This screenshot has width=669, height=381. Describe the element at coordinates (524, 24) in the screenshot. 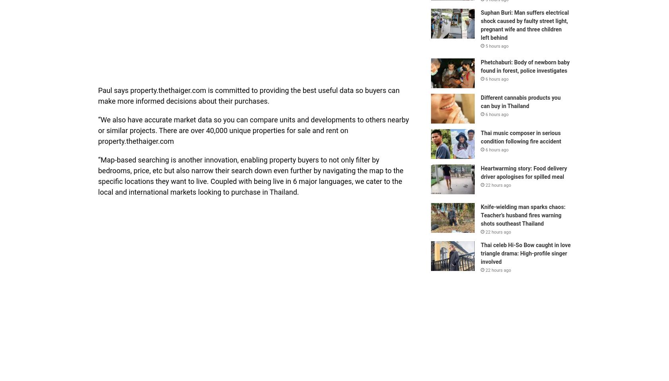

I see `'Suphan Buri: Man suffers electrical shock caused by faulty street light, pregnant wife and three children left behind'` at that location.